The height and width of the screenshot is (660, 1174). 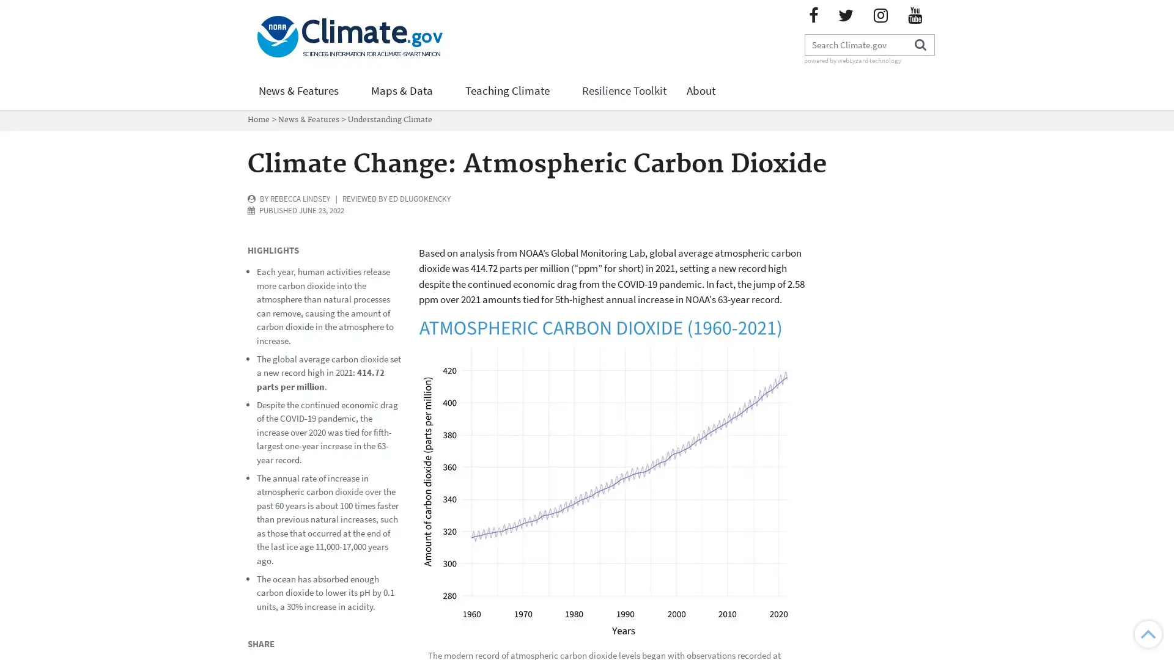 I want to click on Maps & Data, so click(x=408, y=89).